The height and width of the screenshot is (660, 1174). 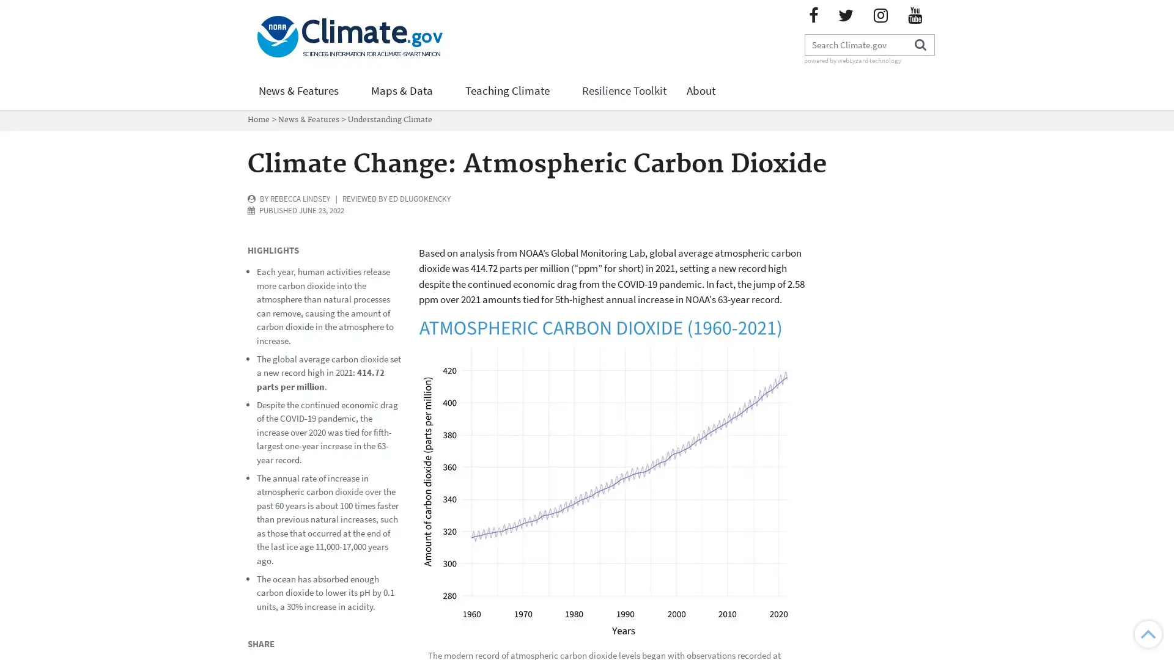 I want to click on Maps & Data, so click(x=408, y=89).